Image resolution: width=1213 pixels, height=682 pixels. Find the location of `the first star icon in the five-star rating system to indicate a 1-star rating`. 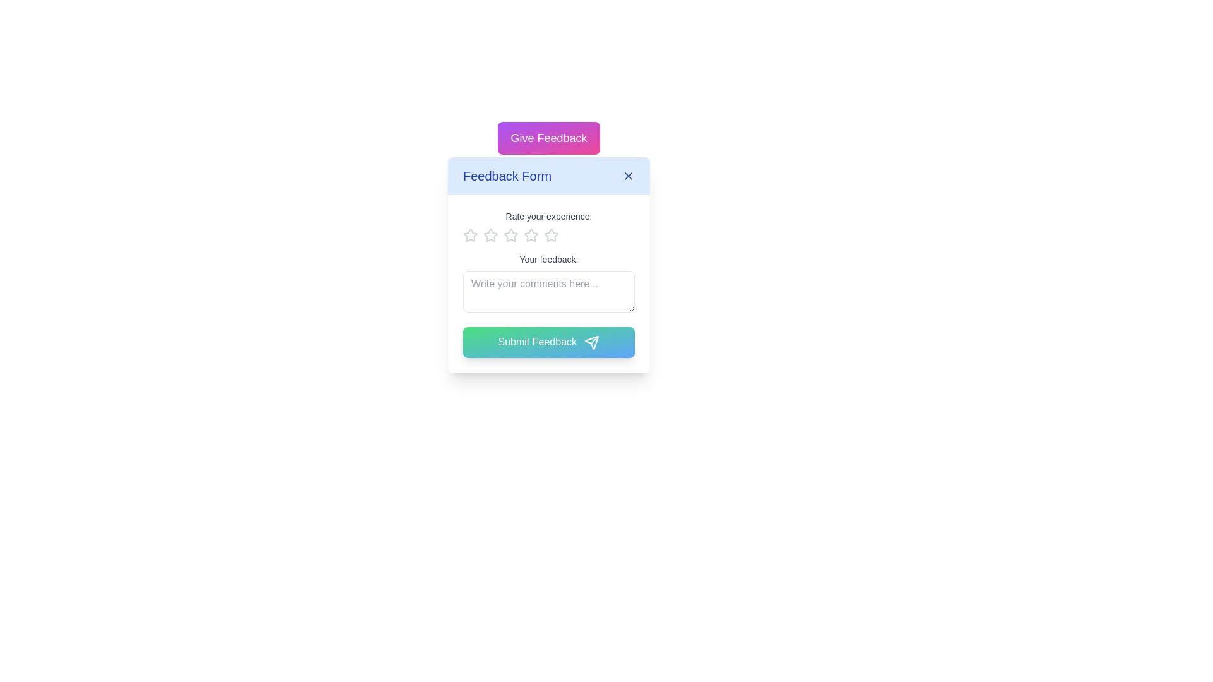

the first star icon in the five-star rating system to indicate a 1-star rating is located at coordinates (469, 235).